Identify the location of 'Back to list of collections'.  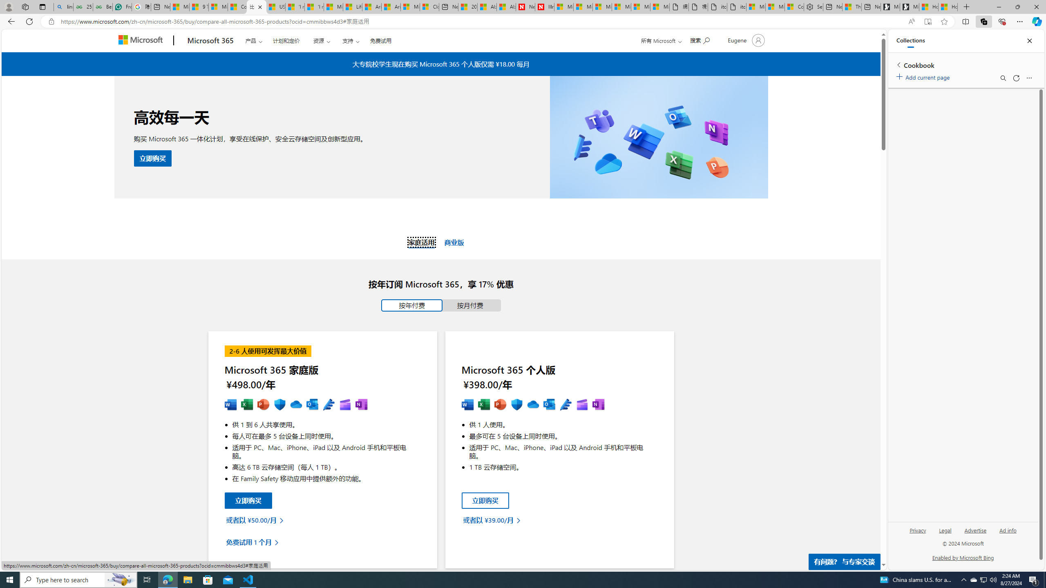
(898, 65).